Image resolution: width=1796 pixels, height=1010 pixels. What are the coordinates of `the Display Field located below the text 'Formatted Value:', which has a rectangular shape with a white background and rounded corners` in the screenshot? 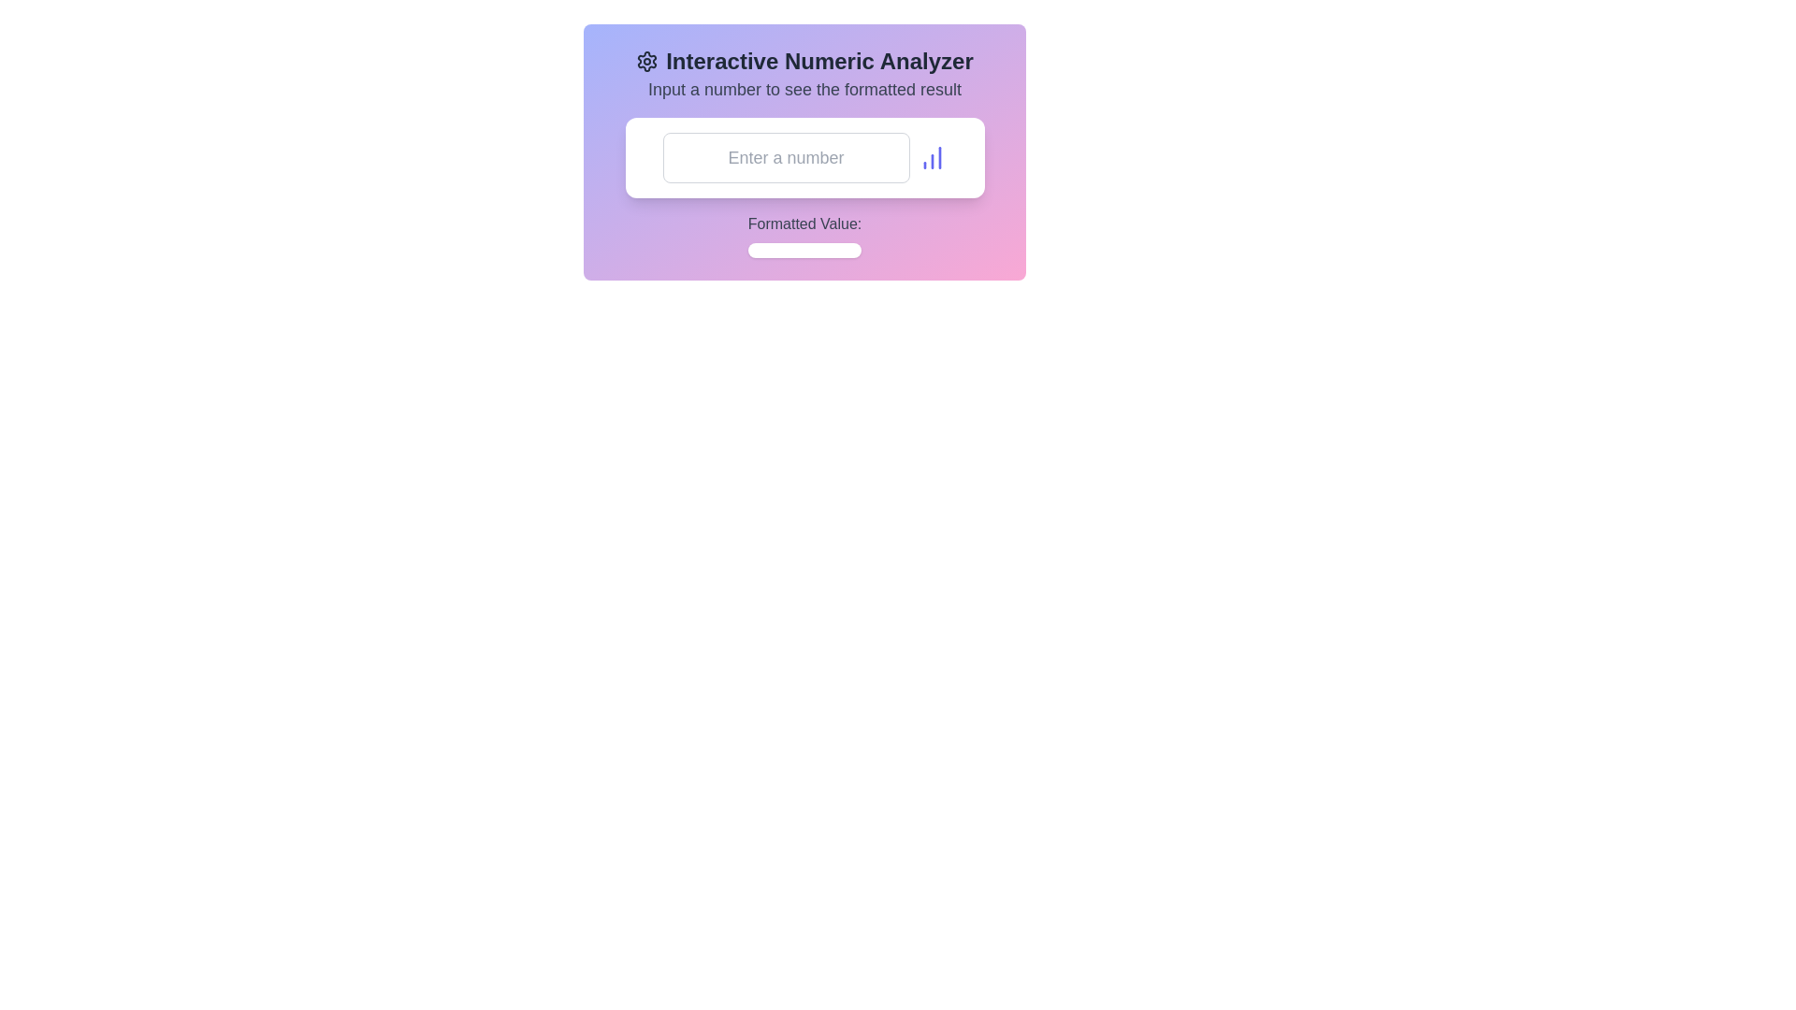 It's located at (804, 249).